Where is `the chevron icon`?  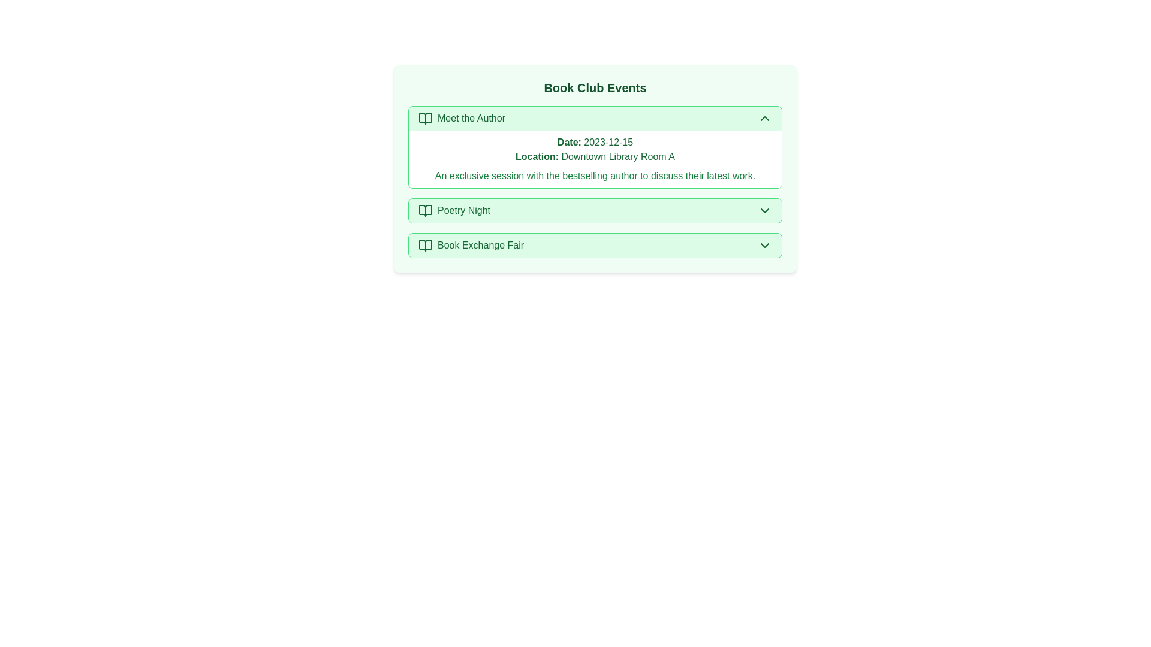
the chevron icon is located at coordinates (764, 118).